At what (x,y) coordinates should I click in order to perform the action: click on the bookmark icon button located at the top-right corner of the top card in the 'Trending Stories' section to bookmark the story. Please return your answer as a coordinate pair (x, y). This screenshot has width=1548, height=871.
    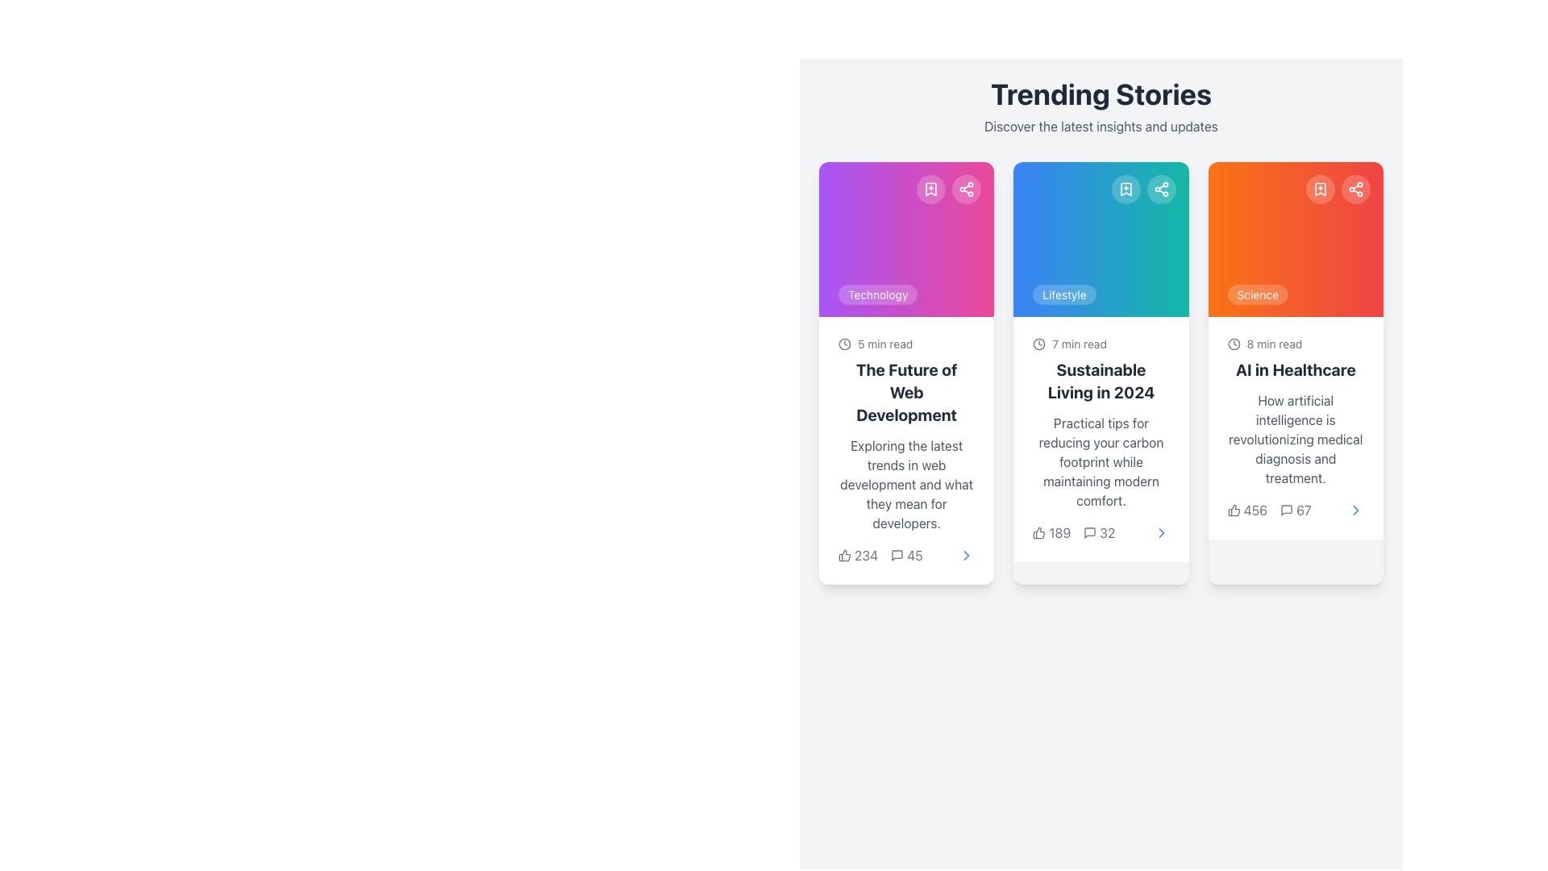
    Looking at the image, I should click on (931, 189).